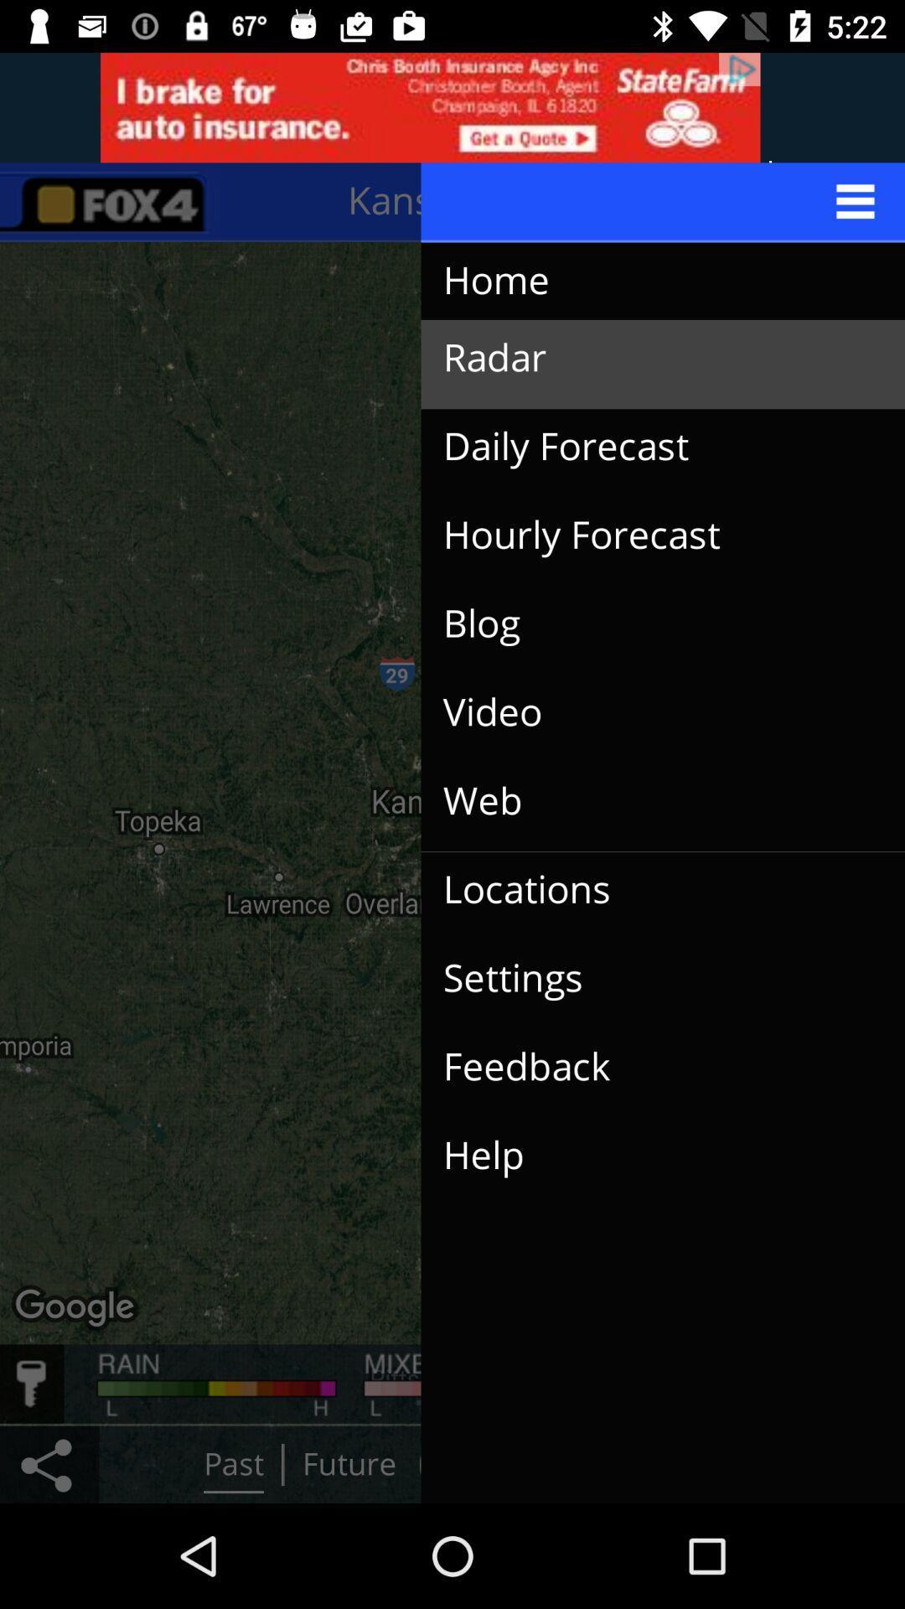 This screenshot has width=905, height=1609. Describe the element at coordinates (49, 1463) in the screenshot. I see `the share icon` at that location.